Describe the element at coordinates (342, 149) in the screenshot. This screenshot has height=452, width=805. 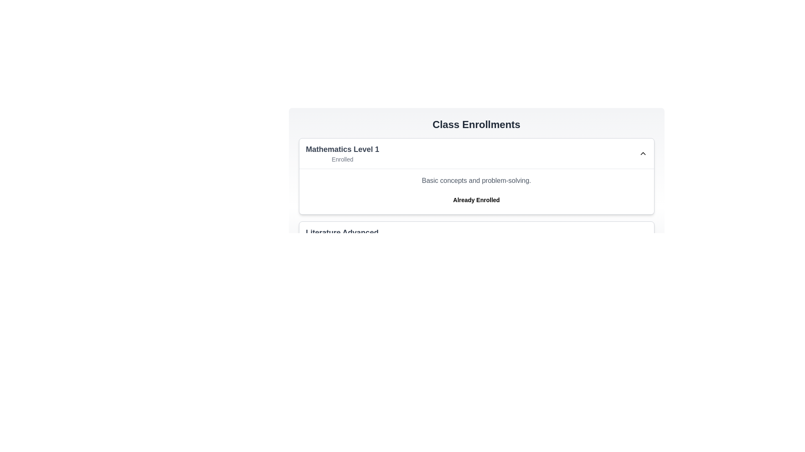
I see `the text label reading 'Mathematics Level 1', which is styled with a larger font size, bold weight, and dark gray color, located at the top of a section describing a course` at that location.